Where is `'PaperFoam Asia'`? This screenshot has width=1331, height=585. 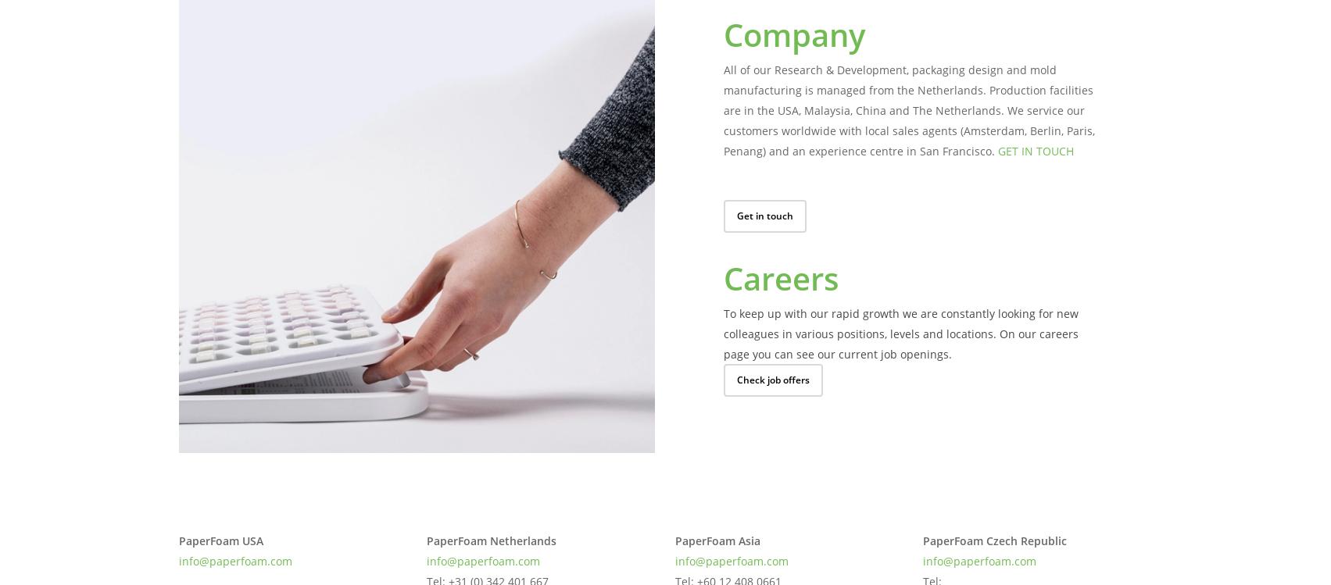 'PaperFoam Asia' is located at coordinates (716, 540).